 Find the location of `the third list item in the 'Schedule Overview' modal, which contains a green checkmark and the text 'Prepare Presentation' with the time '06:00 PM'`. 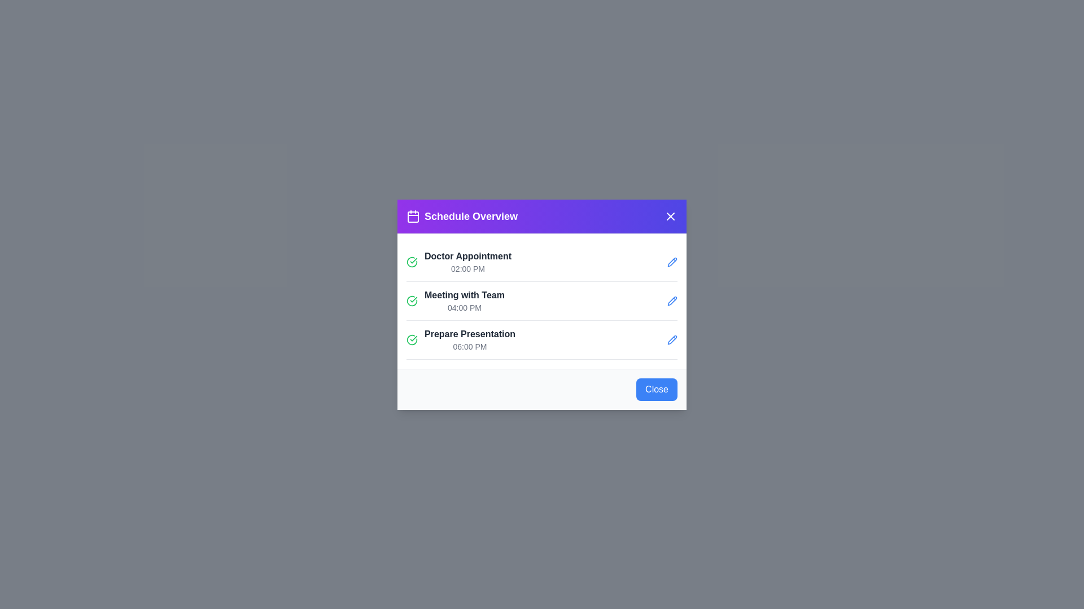

the third list item in the 'Schedule Overview' modal, which contains a green checkmark and the text 'Prepare Presentation' with the time '06:00 PM' is located at coordinates (461, 339).